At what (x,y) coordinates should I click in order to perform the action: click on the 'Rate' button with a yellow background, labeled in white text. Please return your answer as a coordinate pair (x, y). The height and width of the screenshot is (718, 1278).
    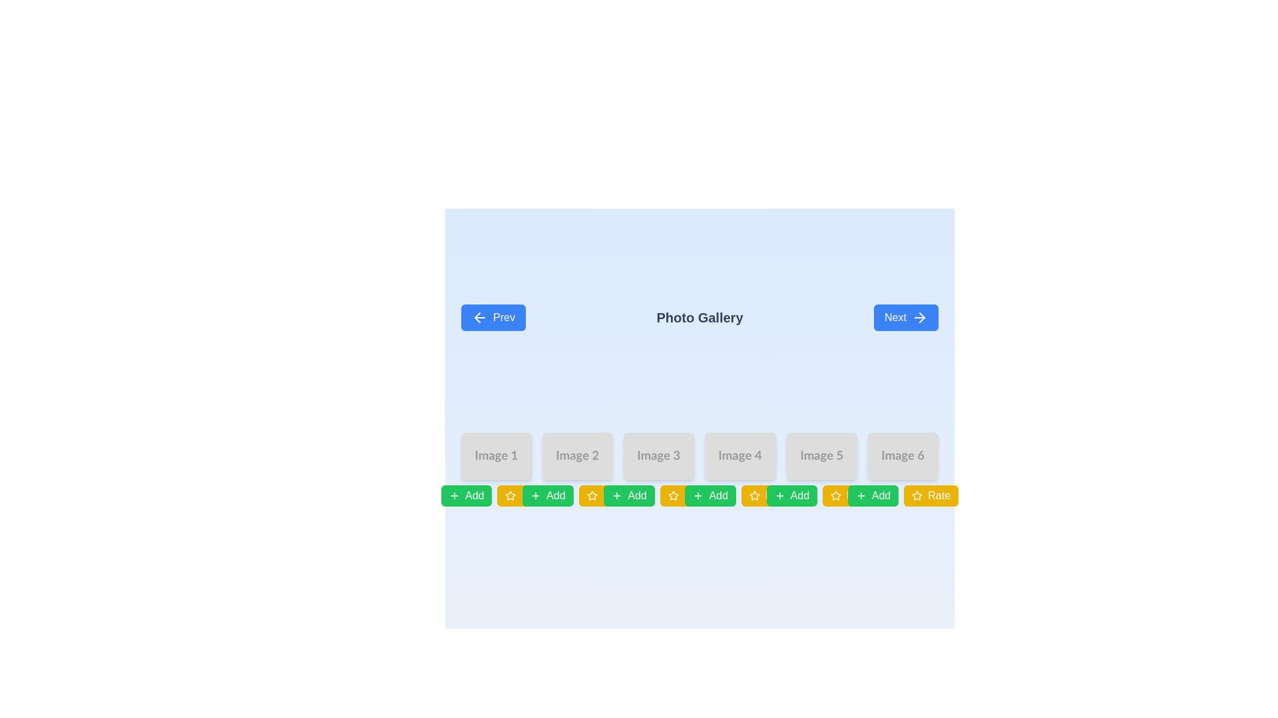
    Looking at the image, I should click on (903, 495).